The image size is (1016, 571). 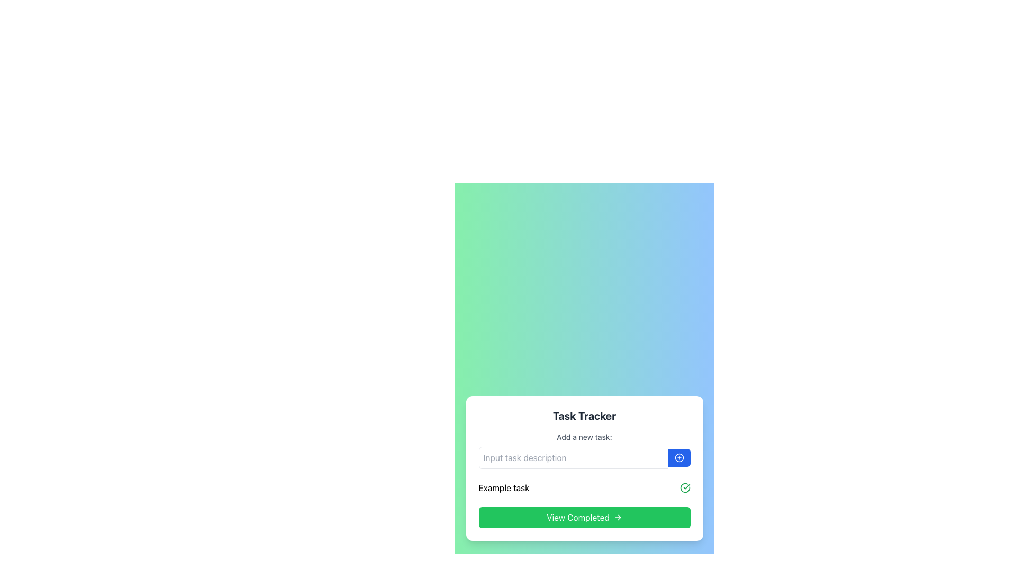 I want to click on the completed task indicator represented by a circular green checkmark icon located to the right of the text item 'Example task' in the task list, so click(x=685, y=487).